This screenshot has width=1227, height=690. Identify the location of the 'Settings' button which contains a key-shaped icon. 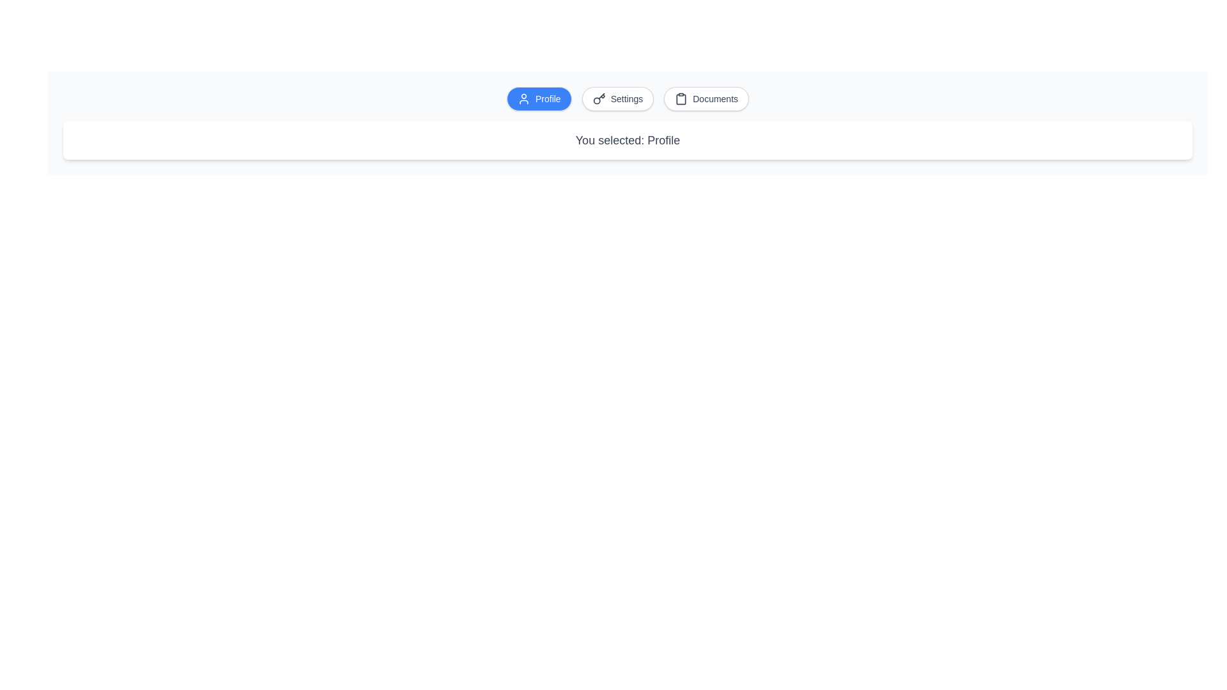
(598, 98).